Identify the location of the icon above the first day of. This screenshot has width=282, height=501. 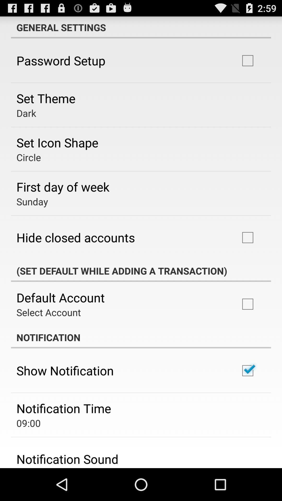
(28, 157).